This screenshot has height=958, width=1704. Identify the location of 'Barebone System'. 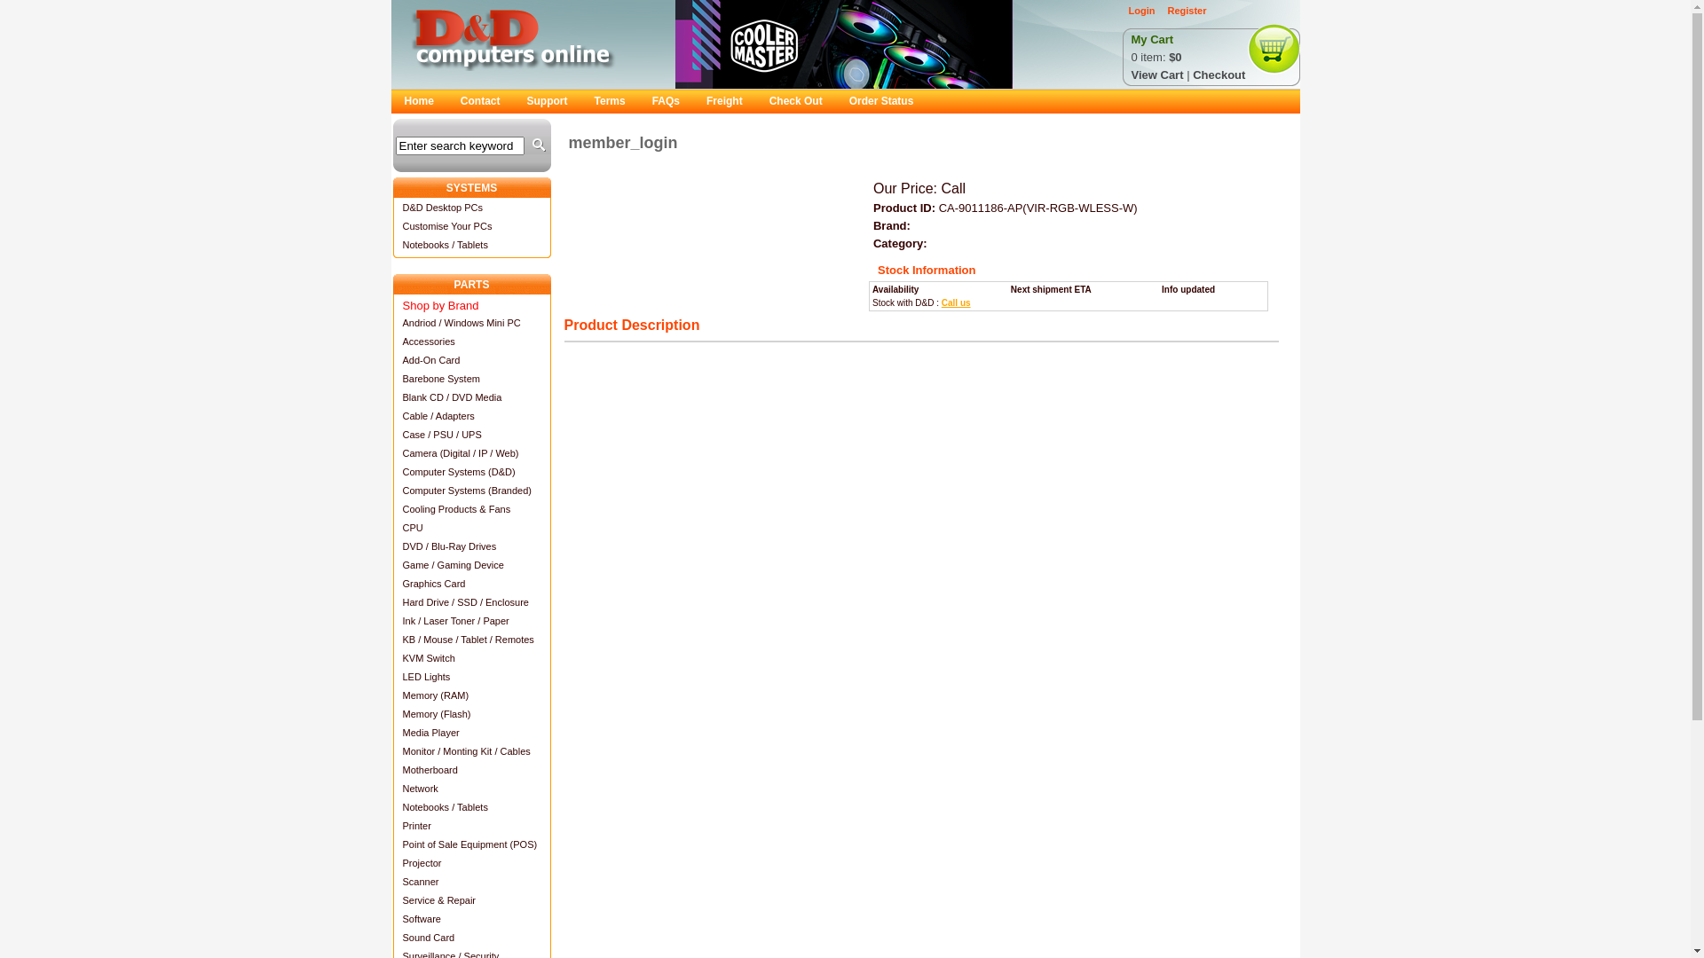
(390, 377).